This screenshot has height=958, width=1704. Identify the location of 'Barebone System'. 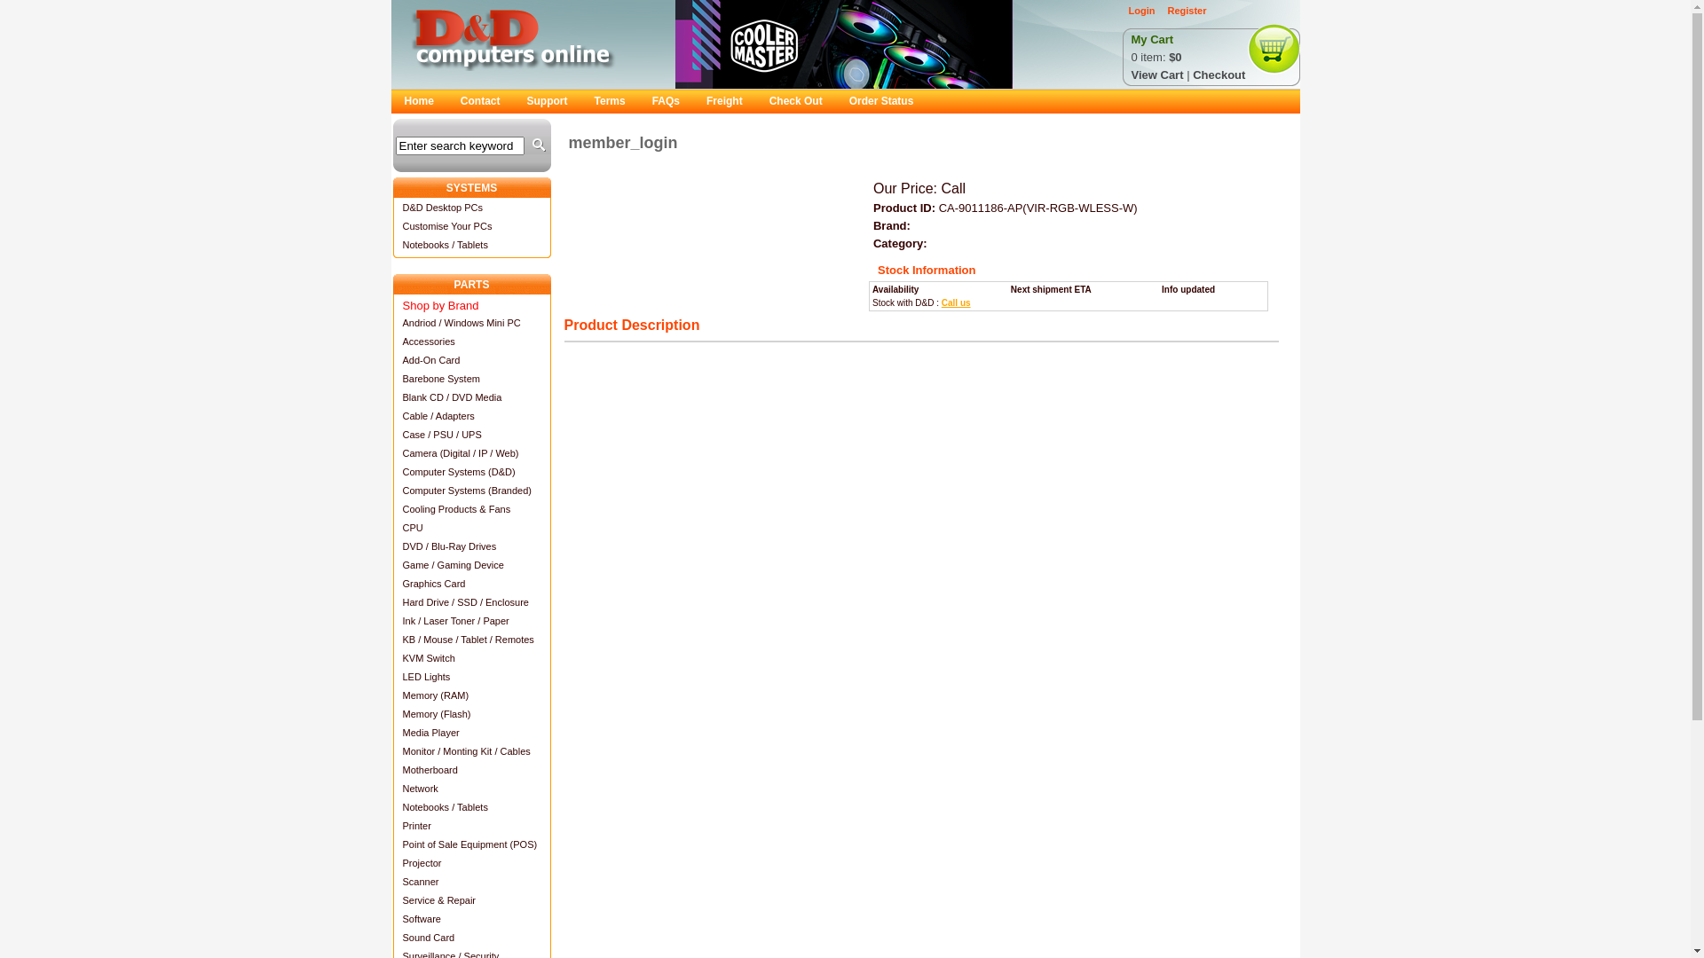
(390, 377).